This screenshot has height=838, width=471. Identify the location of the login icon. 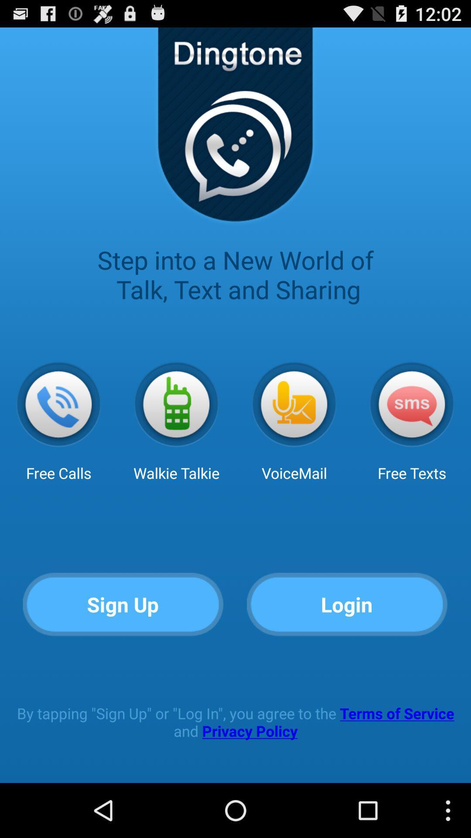
(347, 604).